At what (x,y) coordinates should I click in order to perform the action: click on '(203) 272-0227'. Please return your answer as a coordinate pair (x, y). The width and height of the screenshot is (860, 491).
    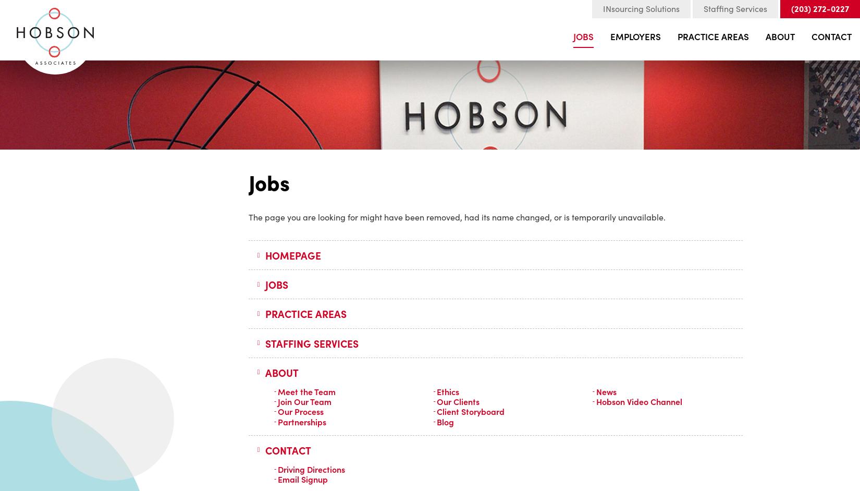
    Looking at the image, I should click on (819, 8).